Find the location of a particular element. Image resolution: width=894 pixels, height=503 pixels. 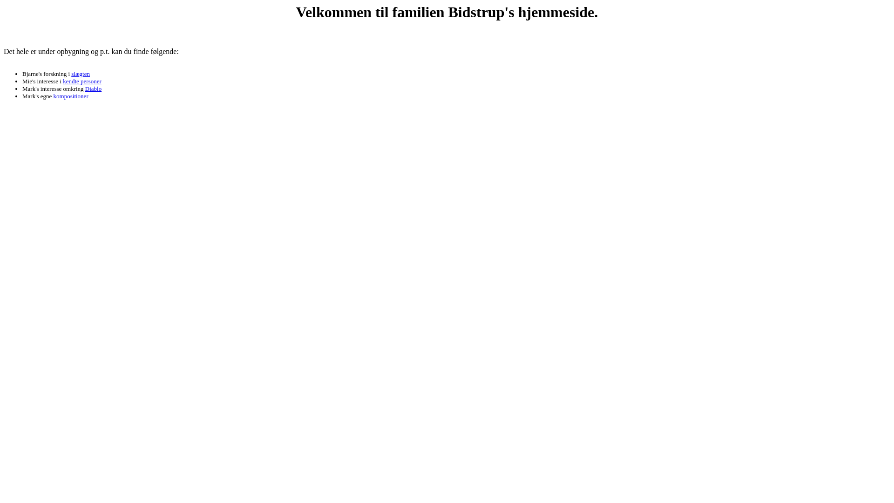

'kendte personer' is located at coordinates (62, 81).